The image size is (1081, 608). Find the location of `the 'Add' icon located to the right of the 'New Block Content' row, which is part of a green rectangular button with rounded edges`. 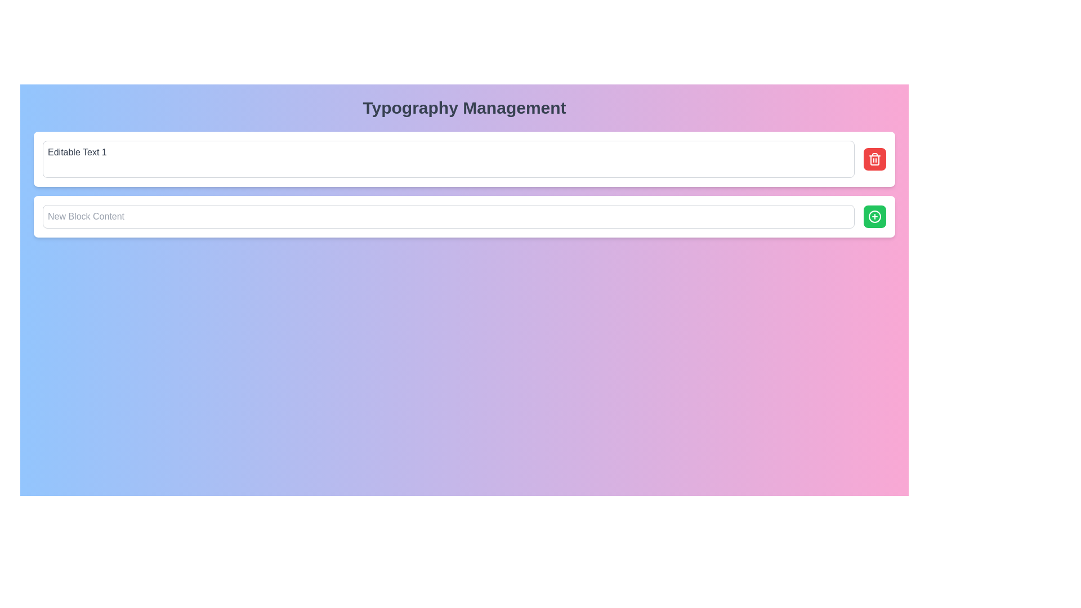

the 'Add' icon located to the right of the 'New Block Content' row, which is part of a green rectangular button with rounded edges is located at coordinates (874, 217).